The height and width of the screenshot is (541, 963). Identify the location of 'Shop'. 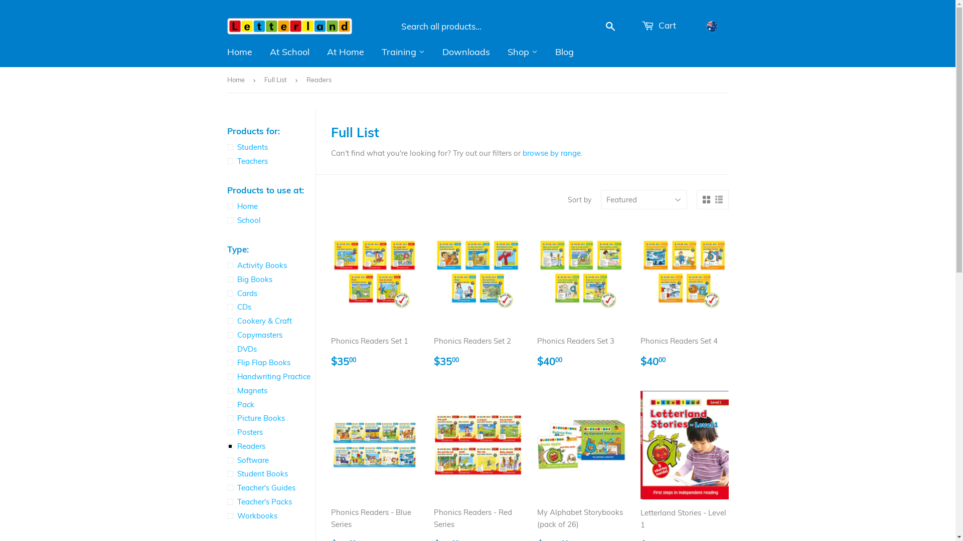
(500, 52).